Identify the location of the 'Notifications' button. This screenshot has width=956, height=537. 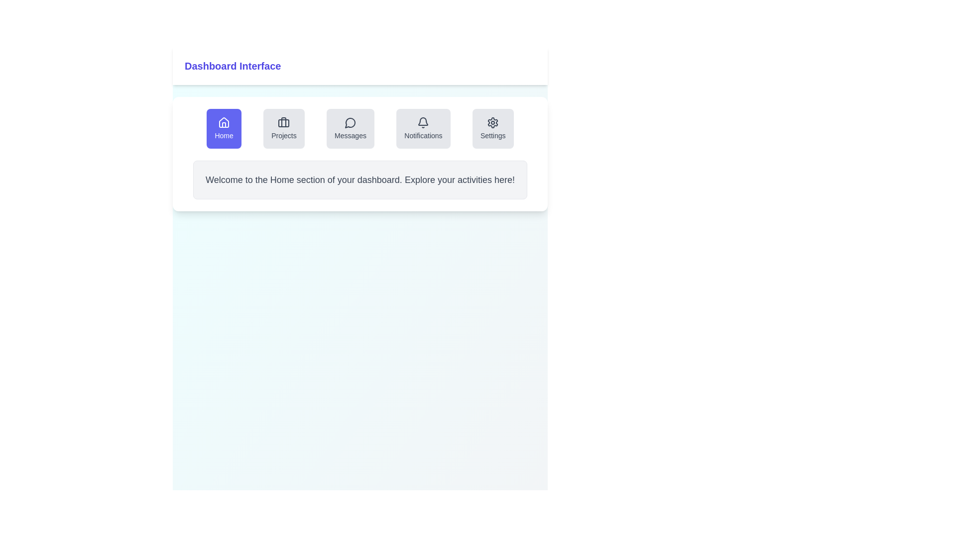
(423, 128).